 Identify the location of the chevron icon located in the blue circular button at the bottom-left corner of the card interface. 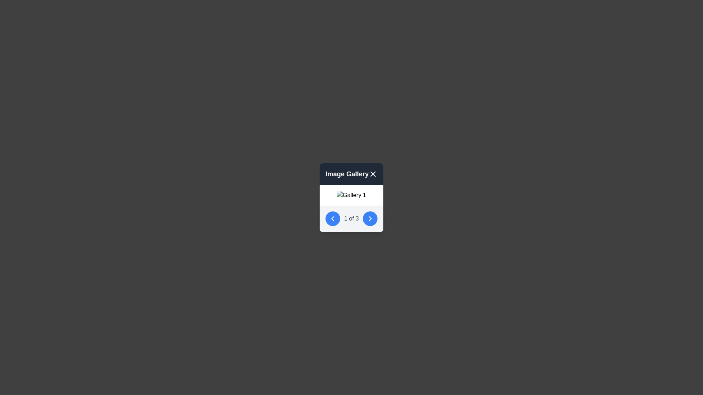
(332, 218).